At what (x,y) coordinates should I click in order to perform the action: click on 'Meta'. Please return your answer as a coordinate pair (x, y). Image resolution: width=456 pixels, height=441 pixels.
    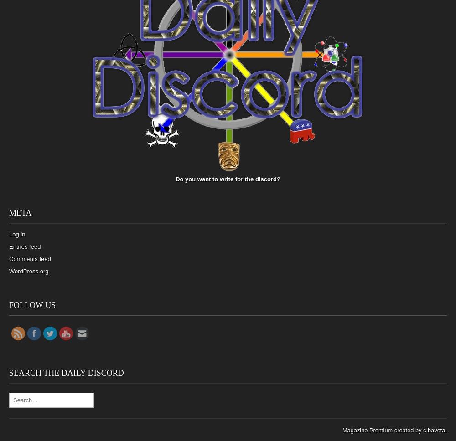
    Looking at the image, I should click on (9, 213).